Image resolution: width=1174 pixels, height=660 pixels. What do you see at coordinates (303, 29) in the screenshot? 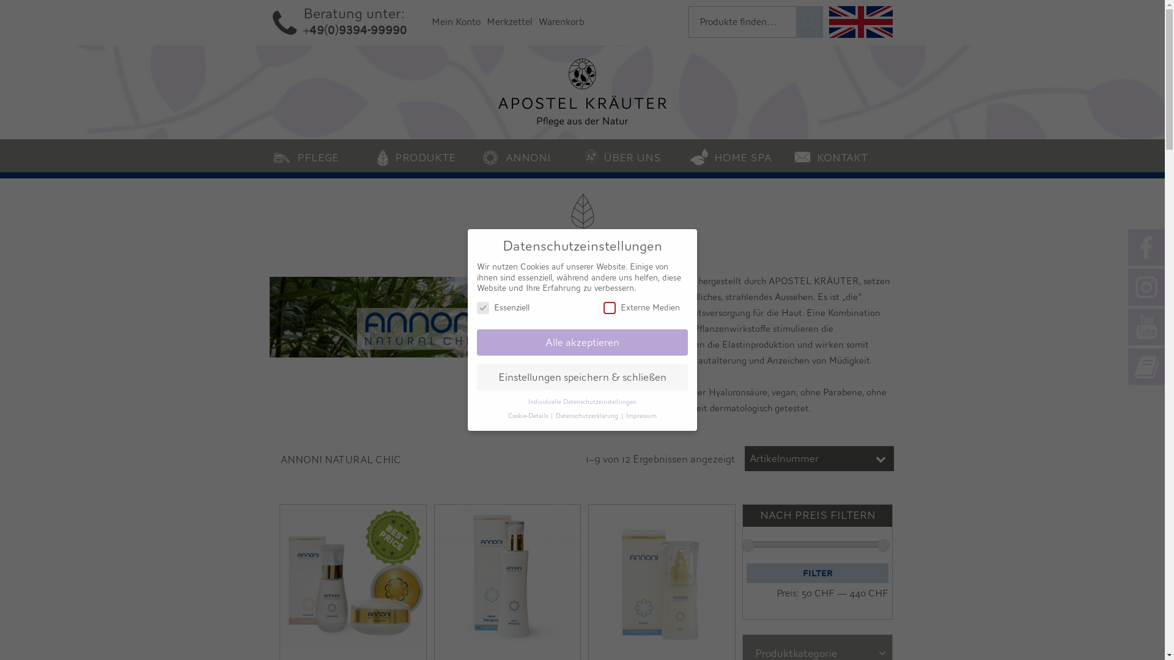
I see `'+49(0)9394-99990'` at bounding box center [303, 29].